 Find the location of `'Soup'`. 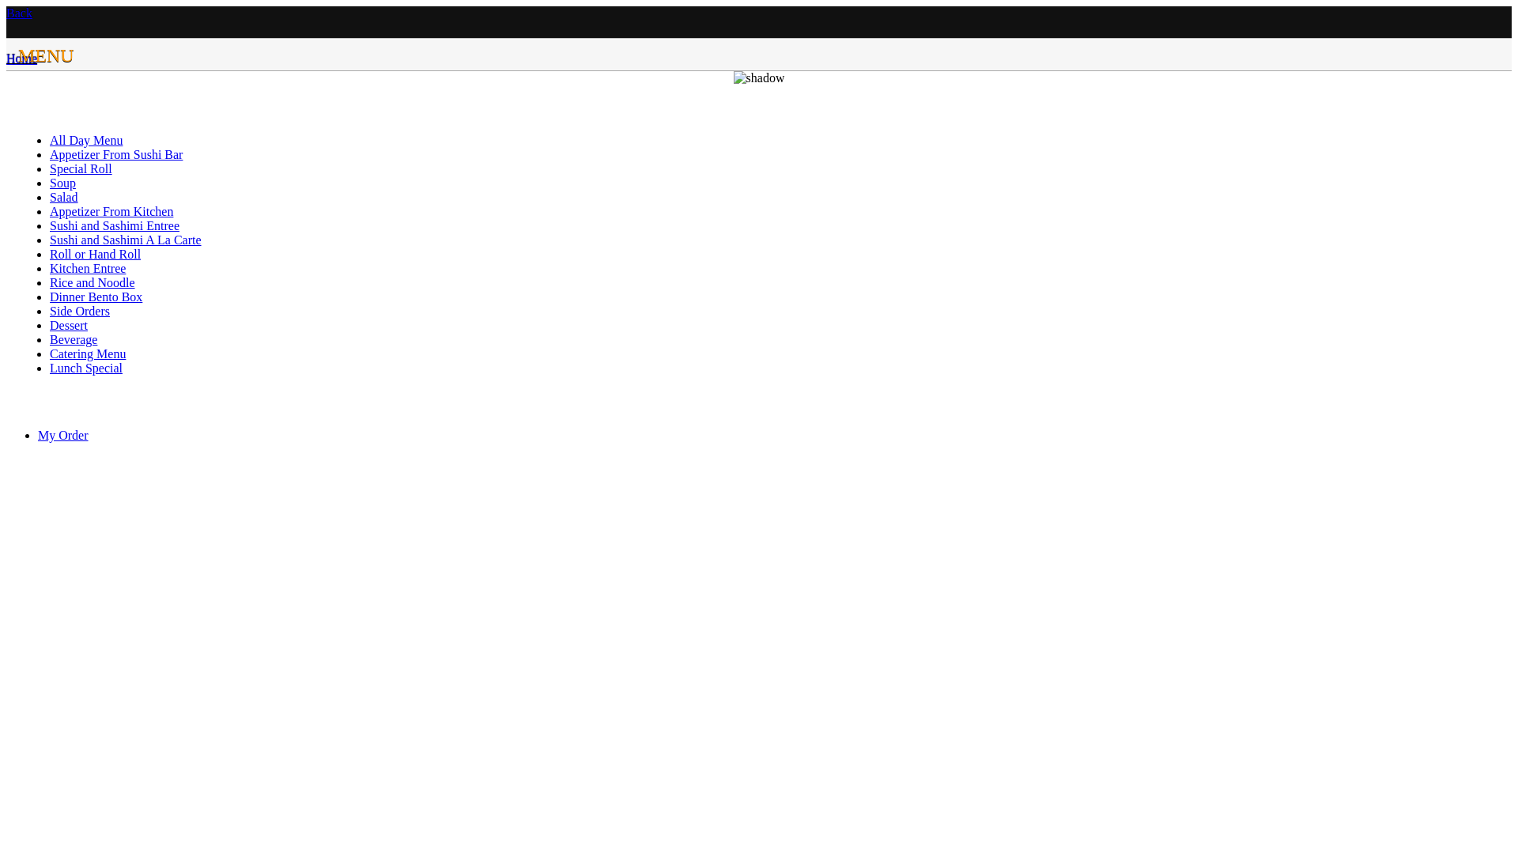

'Soup' is located at coordinates (49, 182).